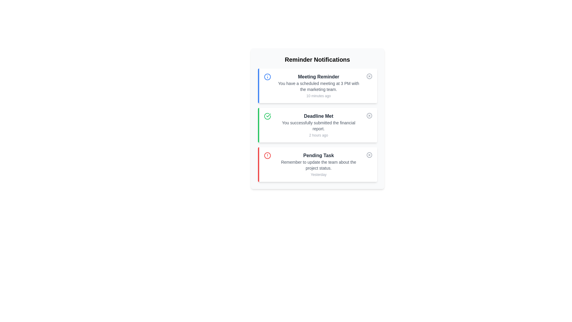 The image size is (572, 322). Describe the element at coordinates (318, 86) in the screenshot. I see `the 'Meeting Reminder' text block located prominently in the center-left portion of the viewport to potentially reveal additional actions` at that location.